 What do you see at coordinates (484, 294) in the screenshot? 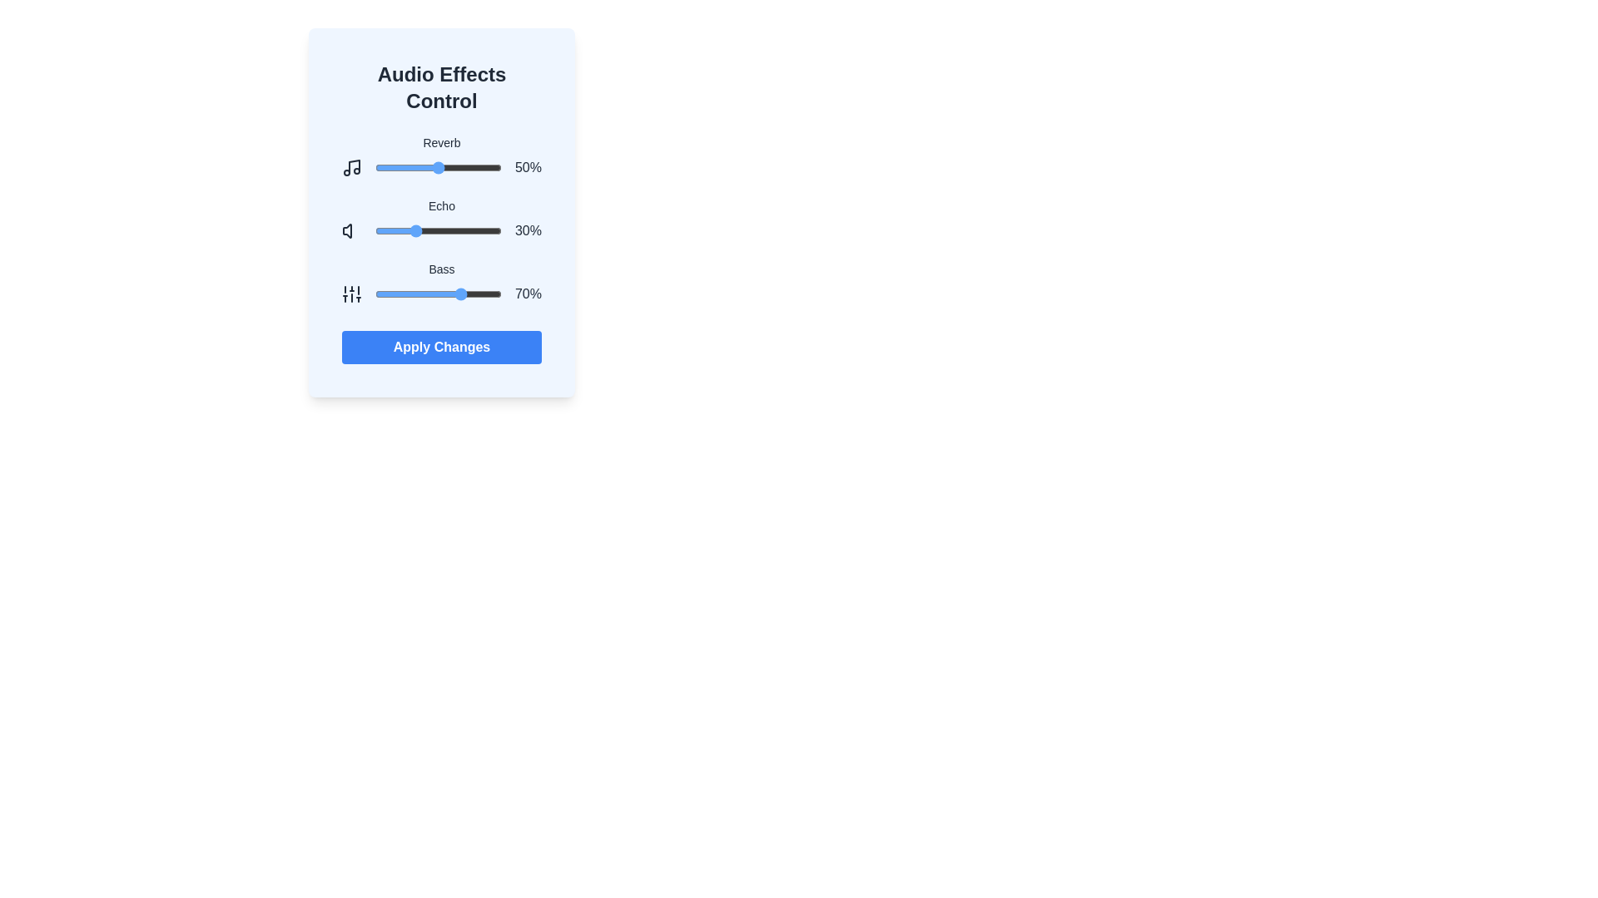
I see `bass` at bounding box center [484, 294].